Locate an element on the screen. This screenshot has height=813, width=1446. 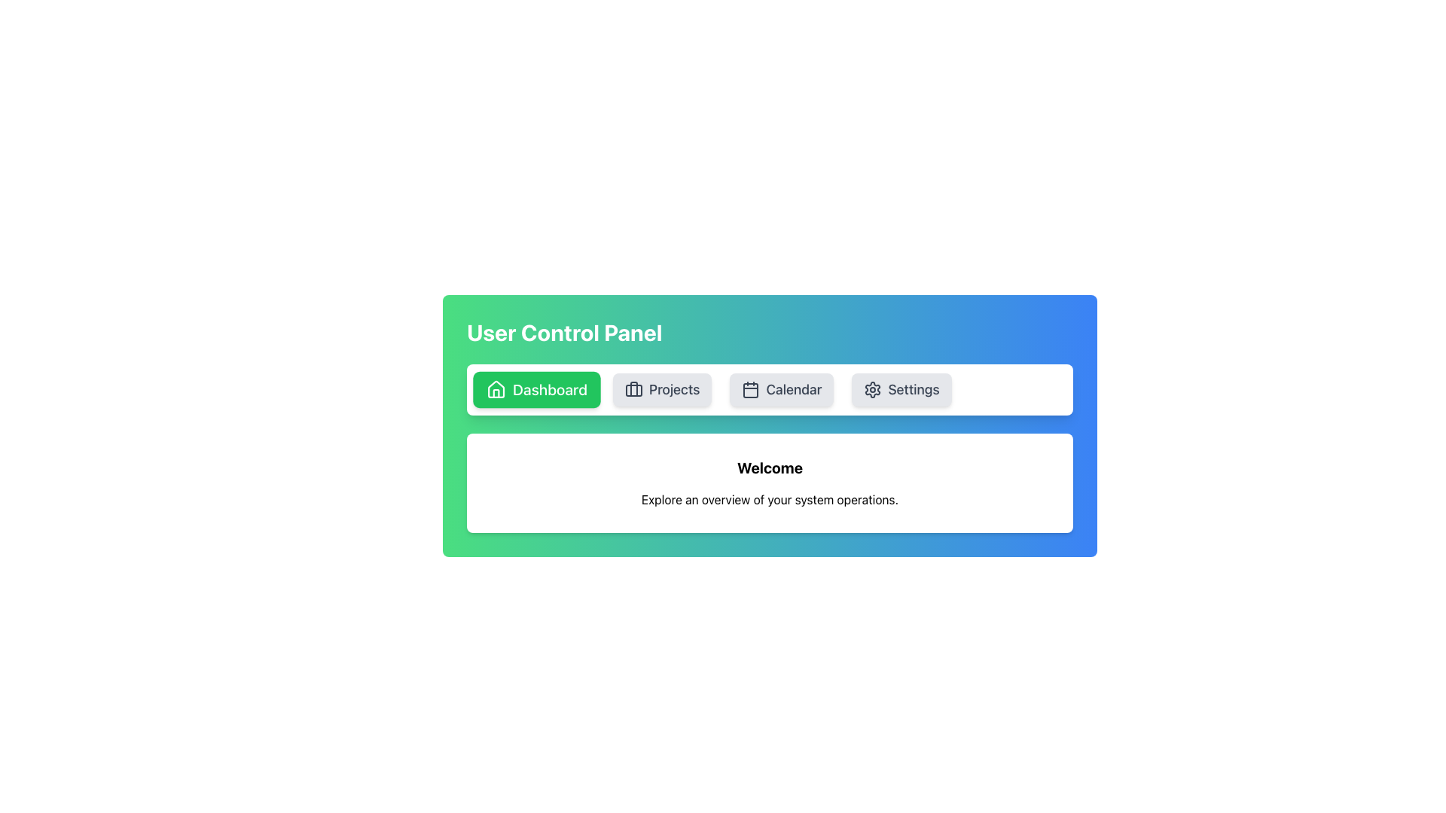
the Dashboard button which contains the bottom part of the house icon in the navigation bar is located at coordinates (496, 392).